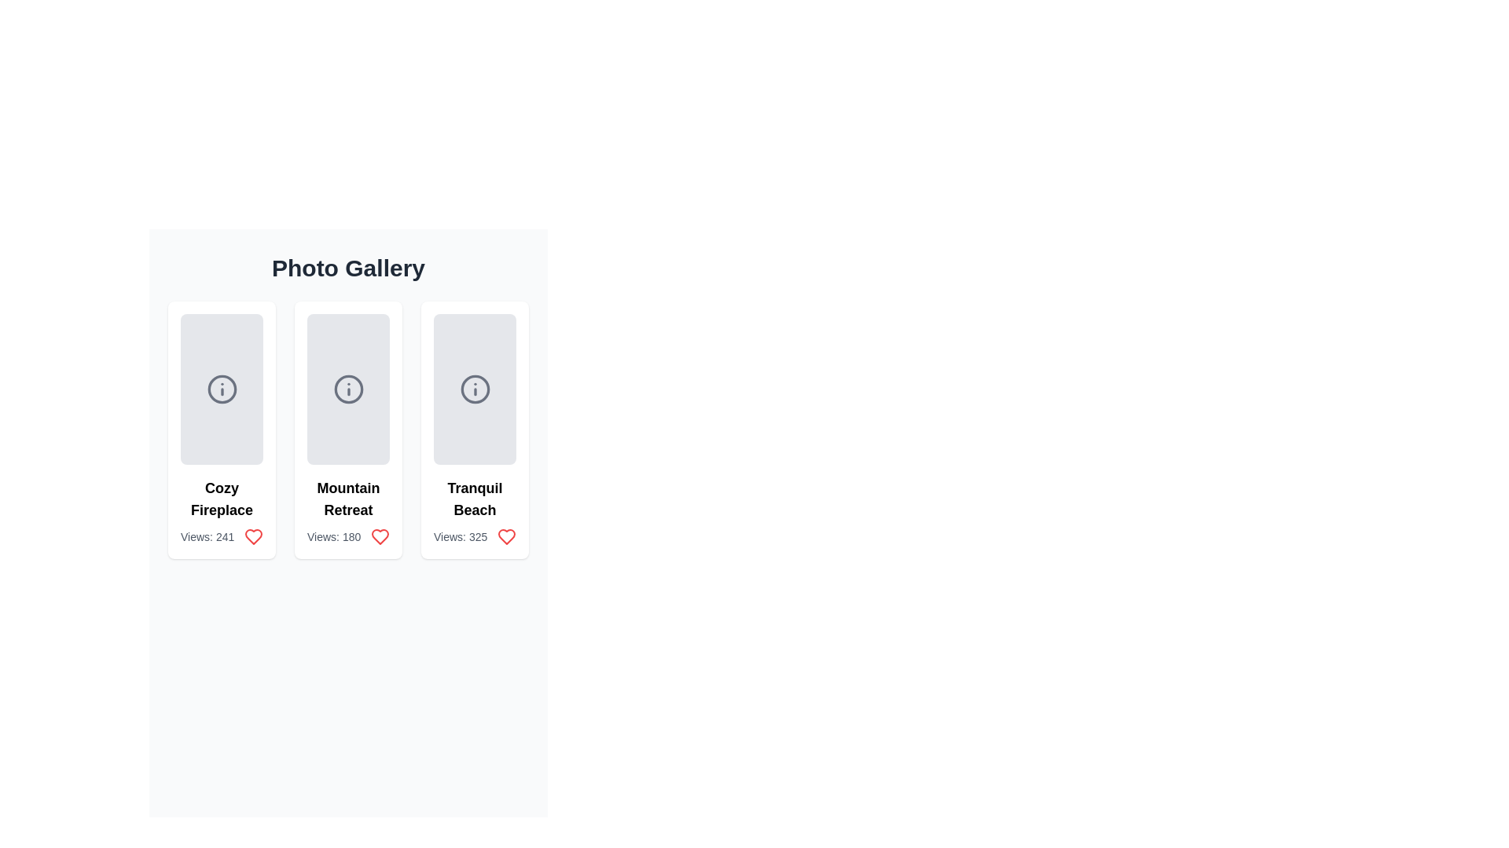 The height and width of the screenshot is (848, 1509). Describe the element at coordinates (506, 535) in the screenshot. I see `the heart-shaped Favorite icon` at that location.